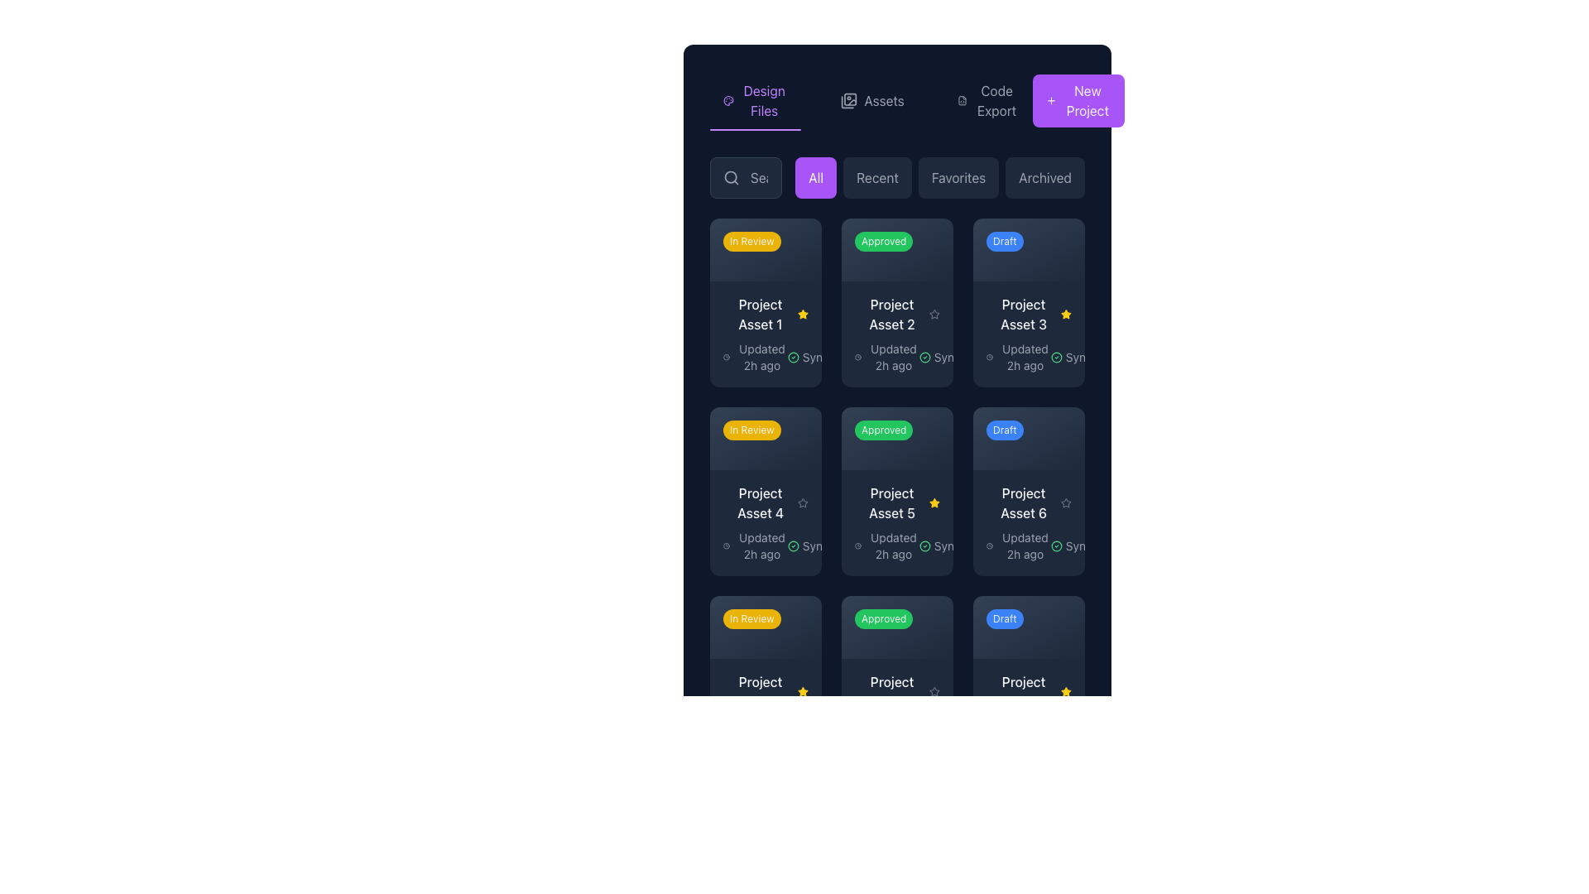 The image size is (1589, 894). Describe the element at coordinates (760, 502) in the screenshot. I see `the text label displaying 'Project Asset 4' located in the second card of the left column, which is above 'Project Asset 7' and below 'Project Asset 1'` at that location.